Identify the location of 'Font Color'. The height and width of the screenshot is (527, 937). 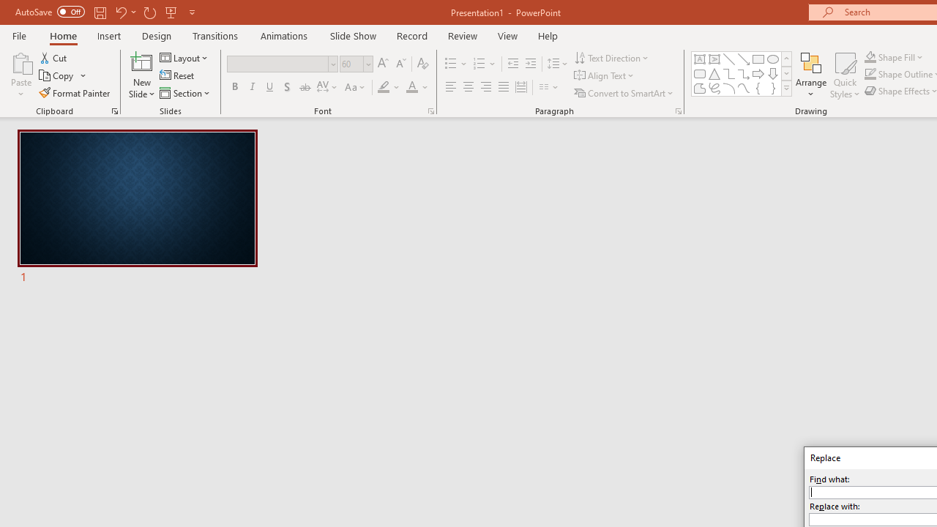
(417, 87).